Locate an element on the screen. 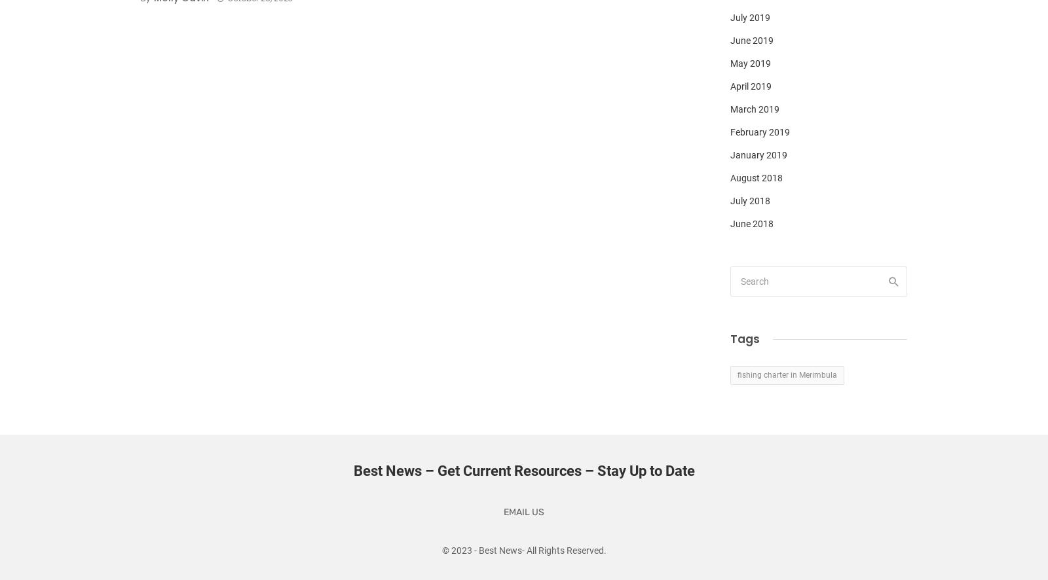 This screenshot has height=580, width=1048. 'June 2018' is located at coordinates (752, 223).